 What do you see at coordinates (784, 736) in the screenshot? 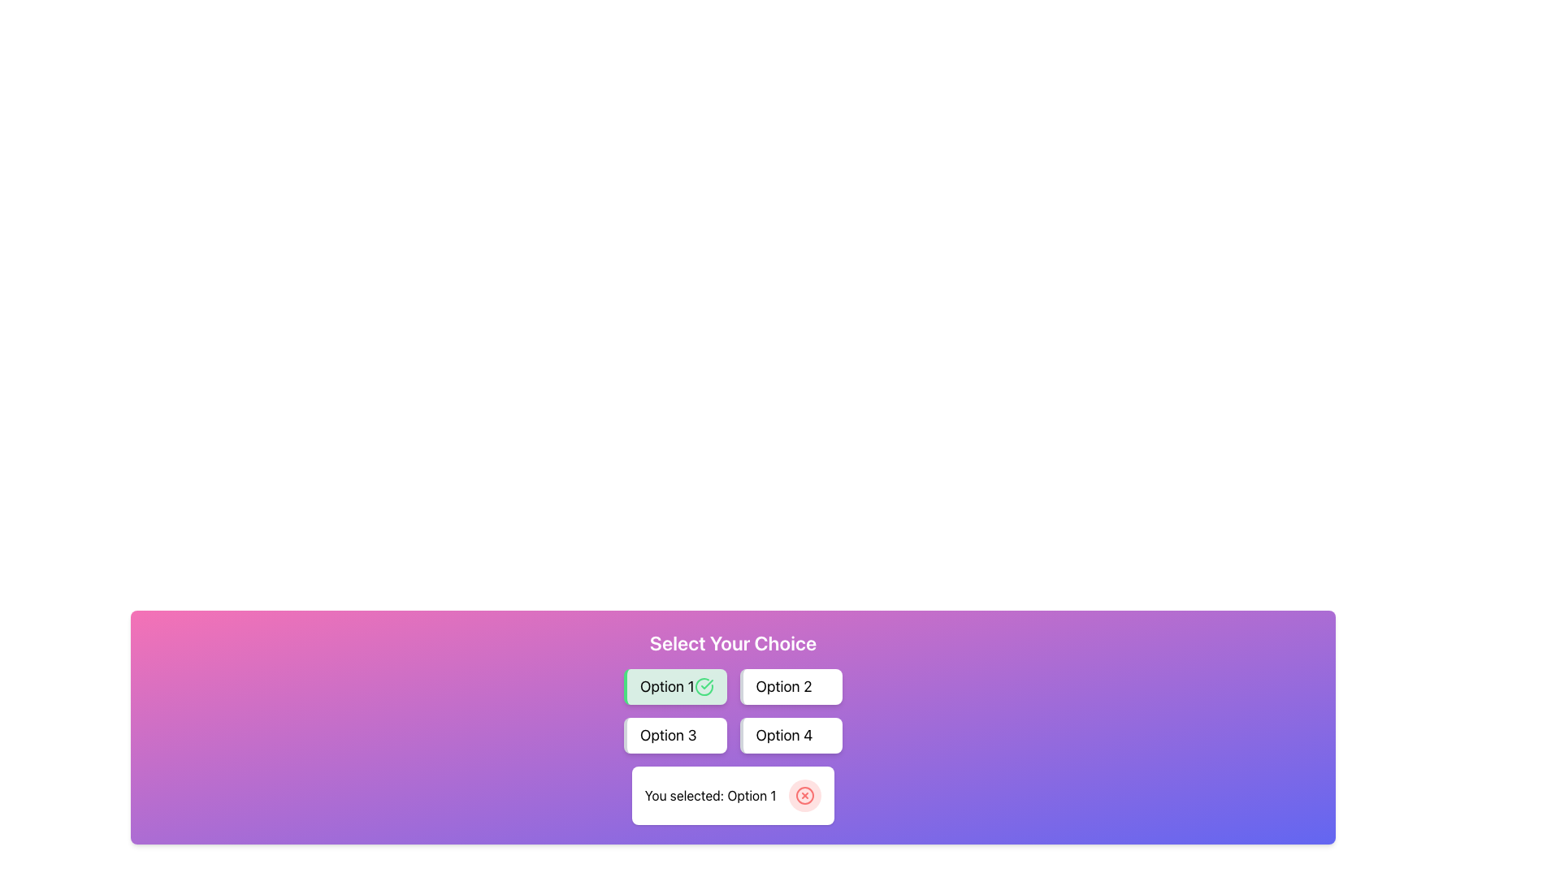
I see `the button labeled 'Option 4' located in the bottom-right position of a two-by-two button grid on a gradient-colored panel` at bounding box center [784, 736].